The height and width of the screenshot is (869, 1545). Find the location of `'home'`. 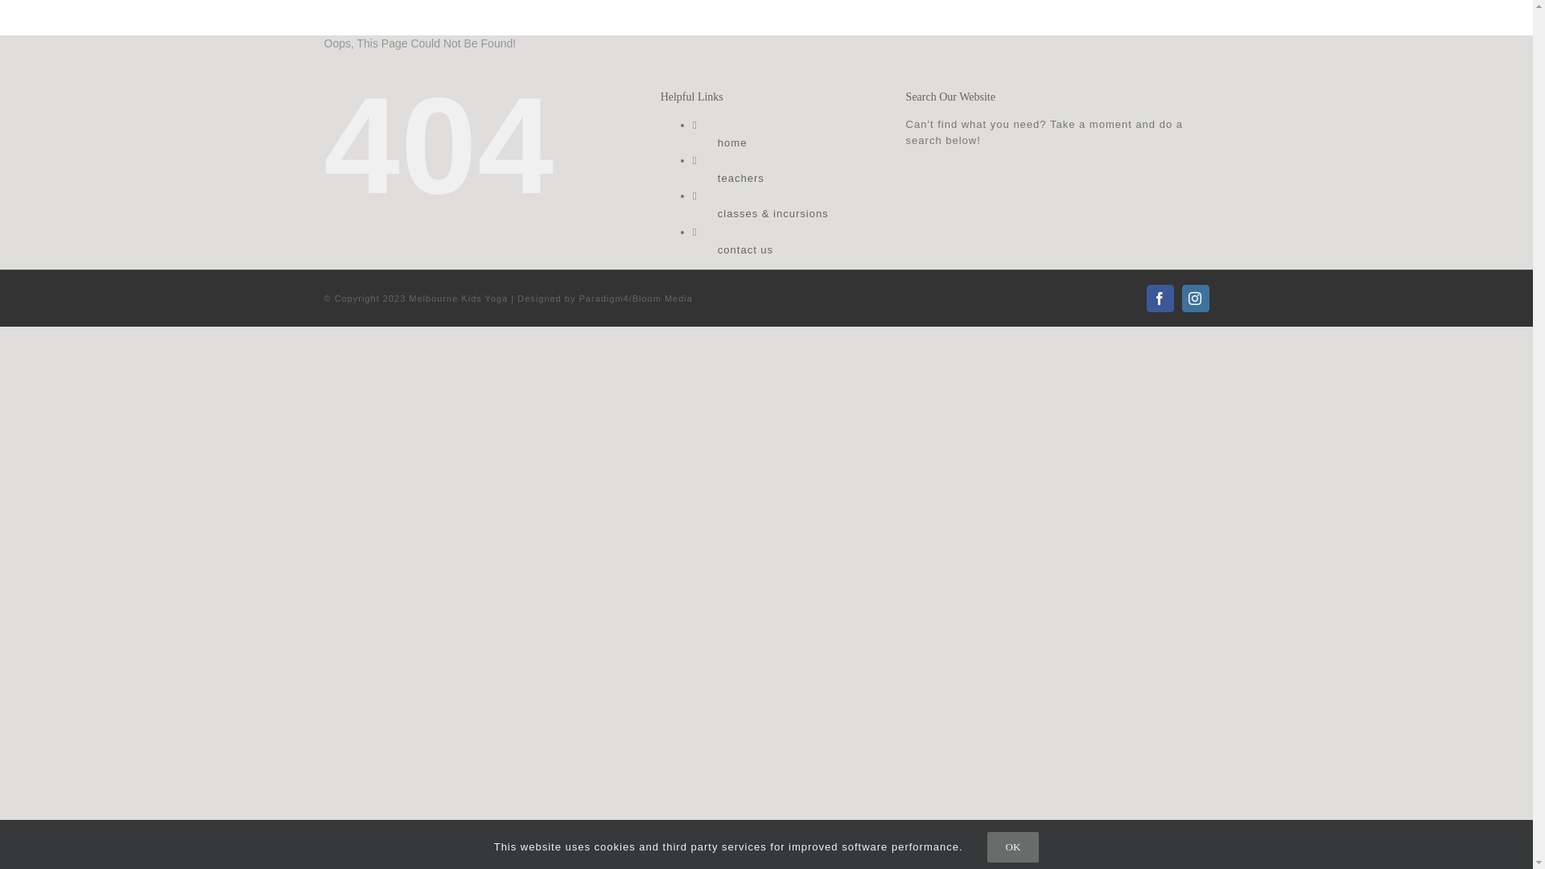

'home' is located at coordinates (731, 142).